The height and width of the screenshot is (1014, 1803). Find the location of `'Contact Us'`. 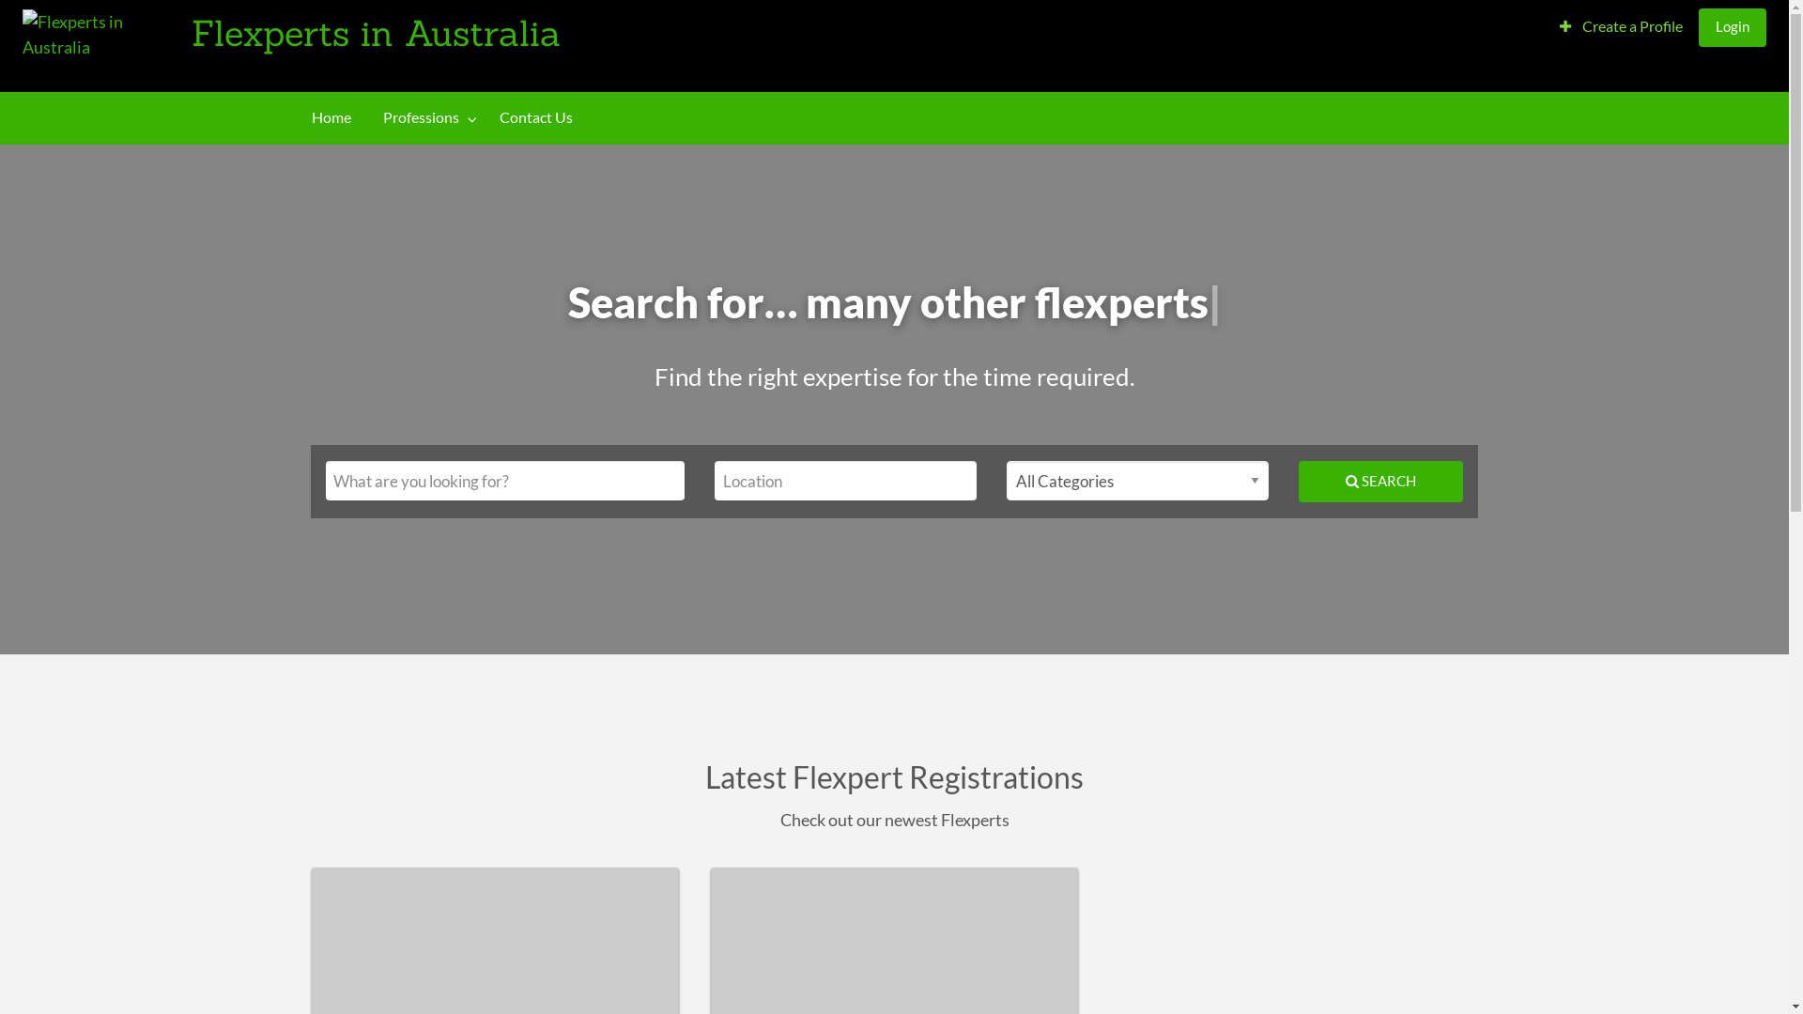

'Contact Us' is located at coordinates (534, 117).